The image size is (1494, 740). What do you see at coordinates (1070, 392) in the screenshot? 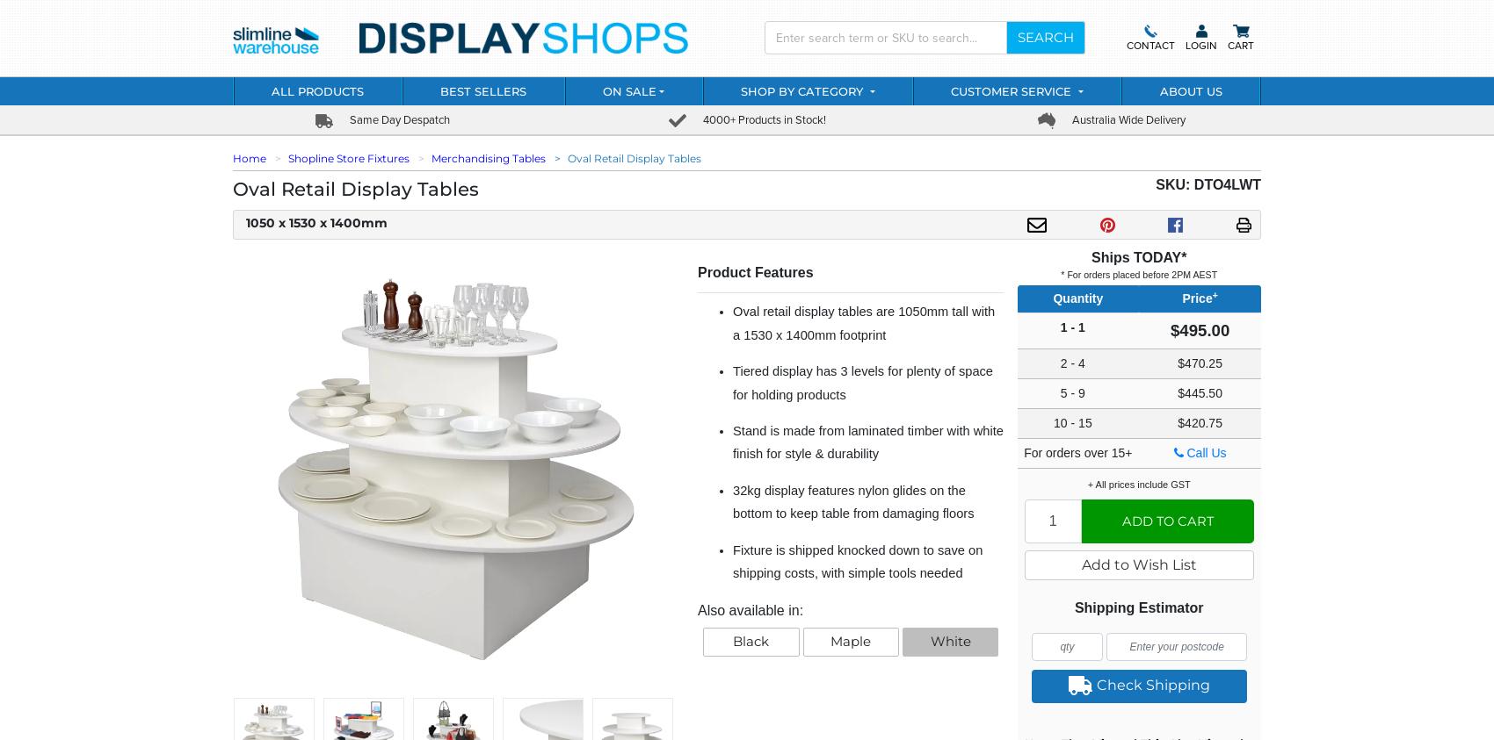
I see `'5 - 9'` at bounding box center [1070, 392].